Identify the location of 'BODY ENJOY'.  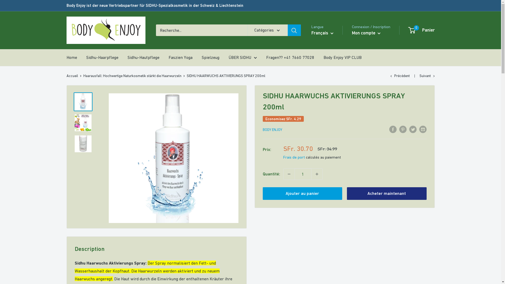
(272, 130).